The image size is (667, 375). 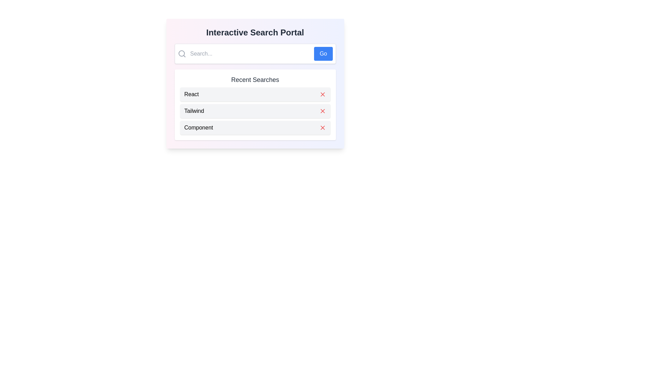 I want to click on the delete icon button associated with the 'React' list entry in the Recent Searches section, so click(x=322, y=94).